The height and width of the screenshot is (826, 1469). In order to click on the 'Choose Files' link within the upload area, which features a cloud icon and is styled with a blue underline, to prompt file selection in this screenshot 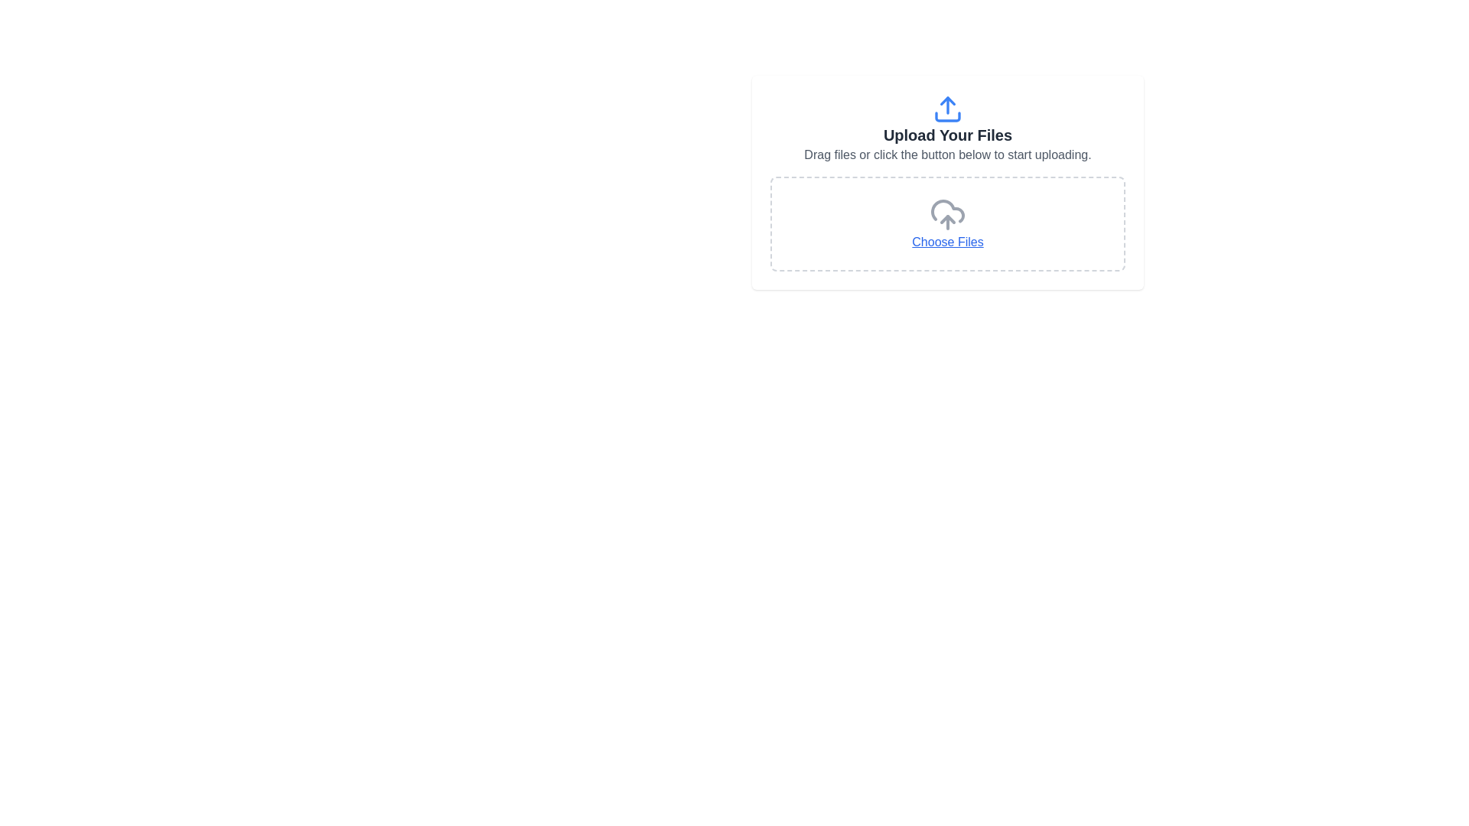, I will do `click(946, 224)`.